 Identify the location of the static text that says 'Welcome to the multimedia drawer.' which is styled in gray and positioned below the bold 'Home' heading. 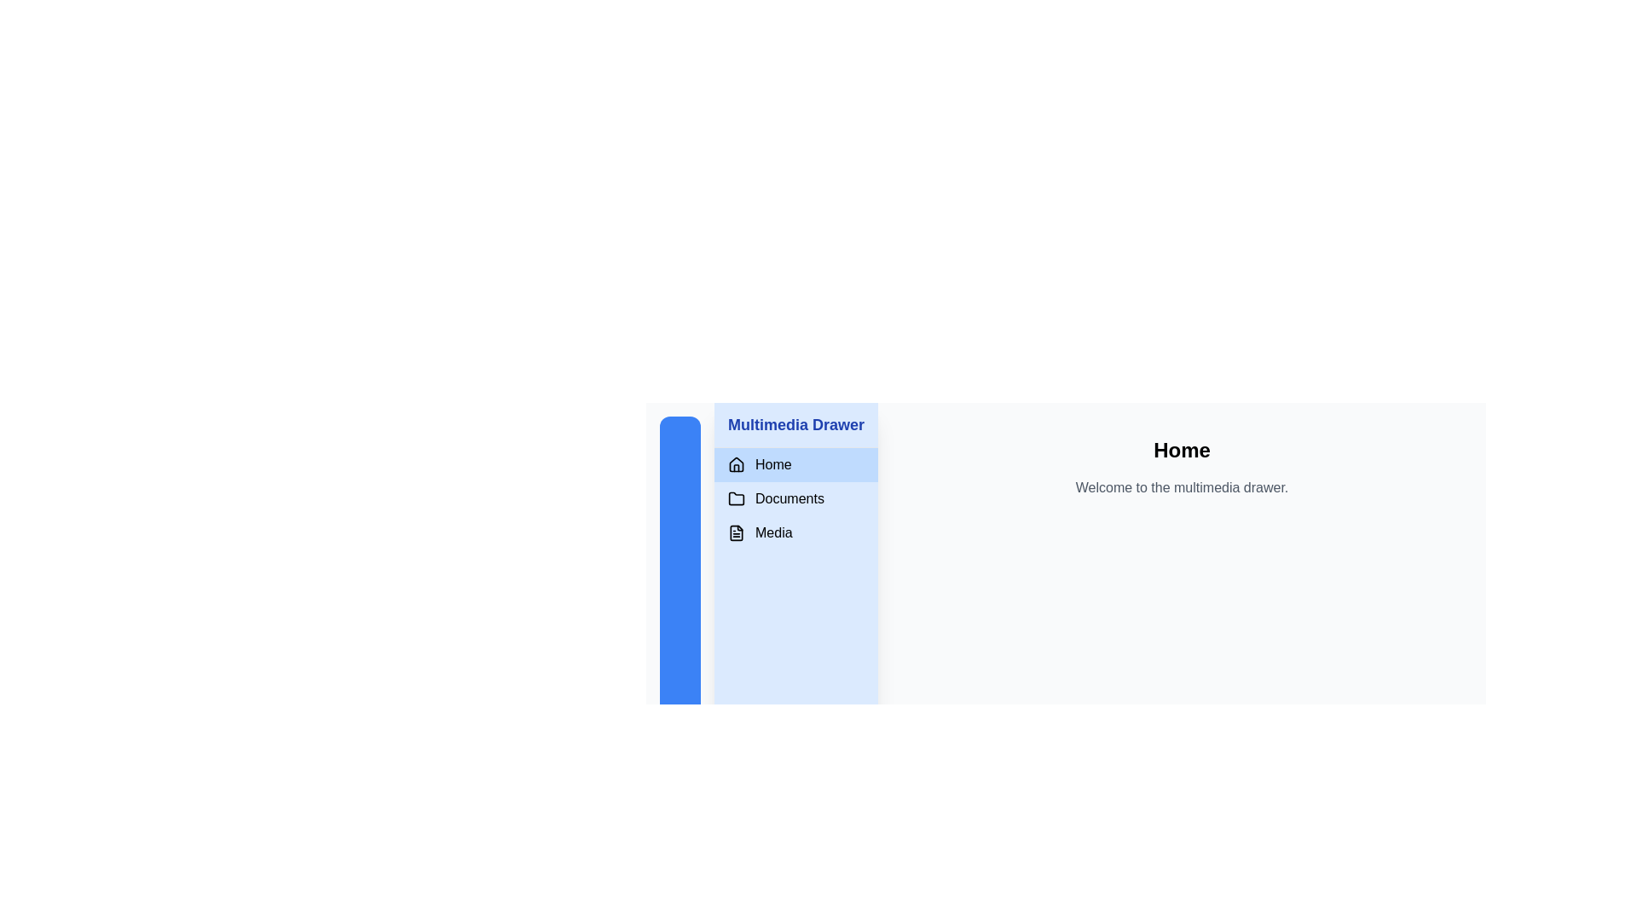
(1181, 488).